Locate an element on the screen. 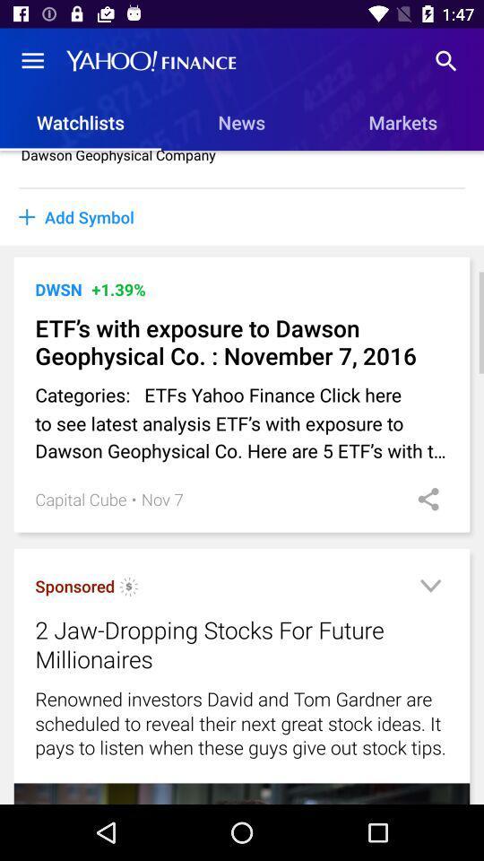 The image size is (484, 861). expand is located at coordinates (429, 587).